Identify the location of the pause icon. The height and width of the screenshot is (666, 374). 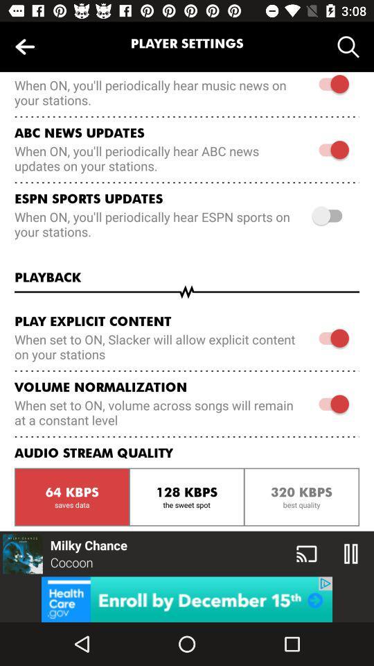
(351, 554).